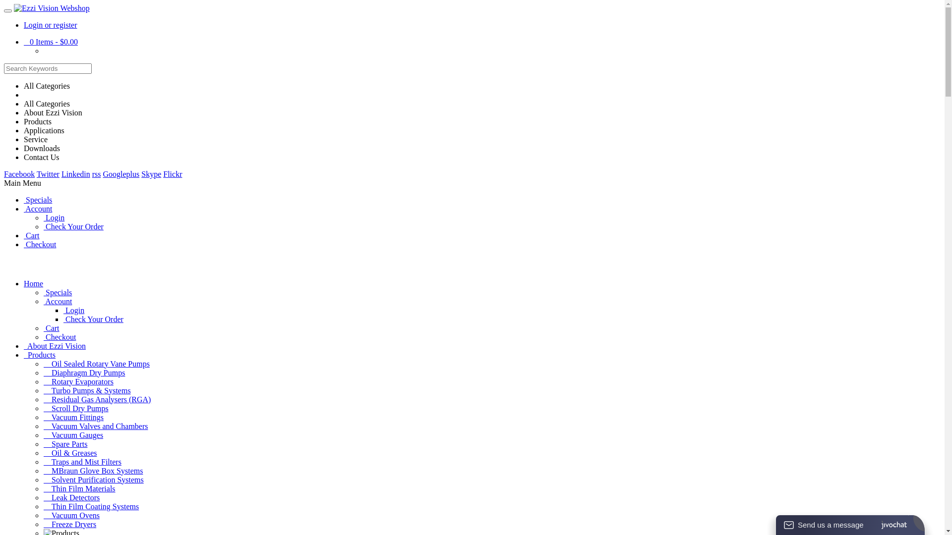 This screenshot has height=535, width=952. Describe the element at coordinates (93, 470) in the screenshot. I see `'    MBraun Glove Box Systems'` at that location.